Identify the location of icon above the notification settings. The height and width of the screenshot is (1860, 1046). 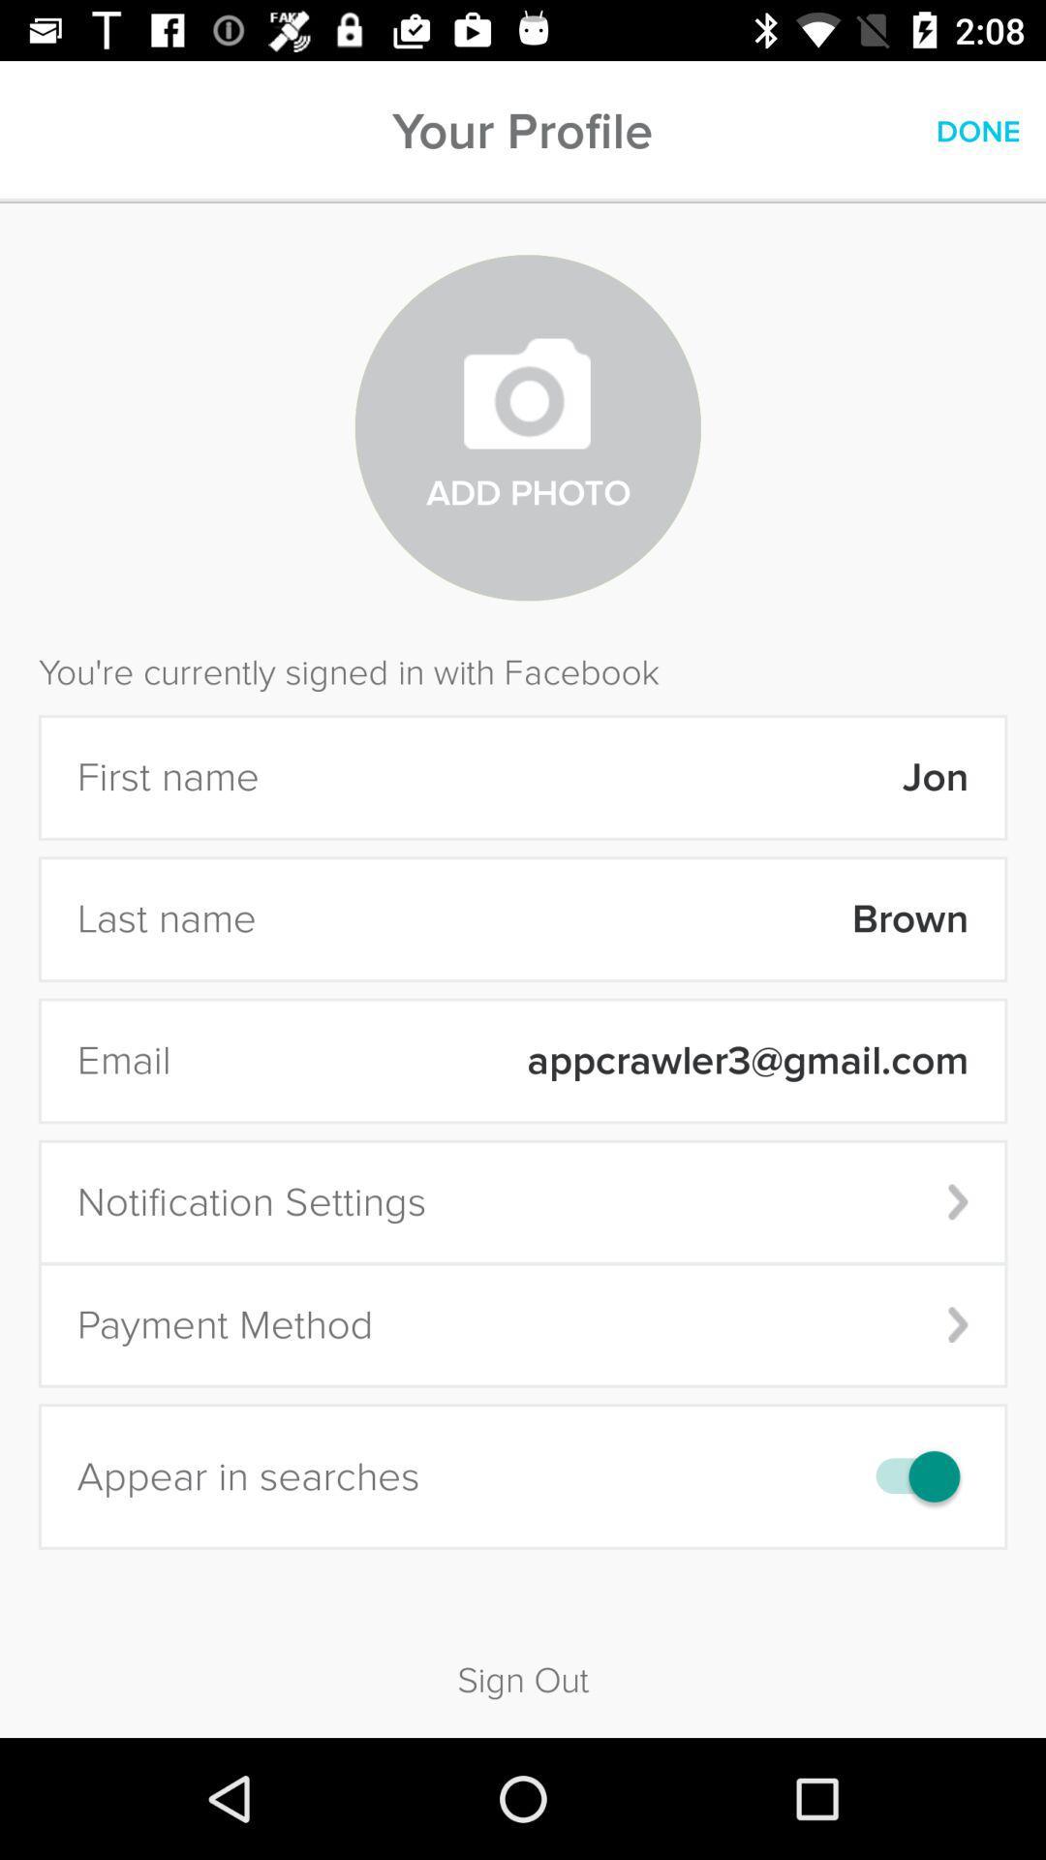
(581, 1060).